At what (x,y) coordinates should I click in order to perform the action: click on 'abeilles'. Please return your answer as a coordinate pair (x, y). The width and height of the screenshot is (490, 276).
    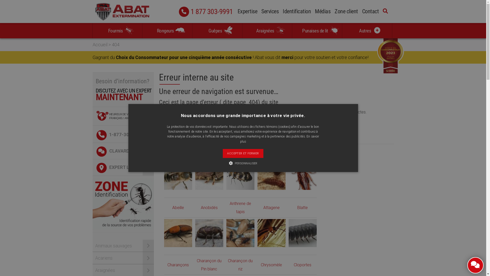
    Looking at the image, I should click on (178, 175).